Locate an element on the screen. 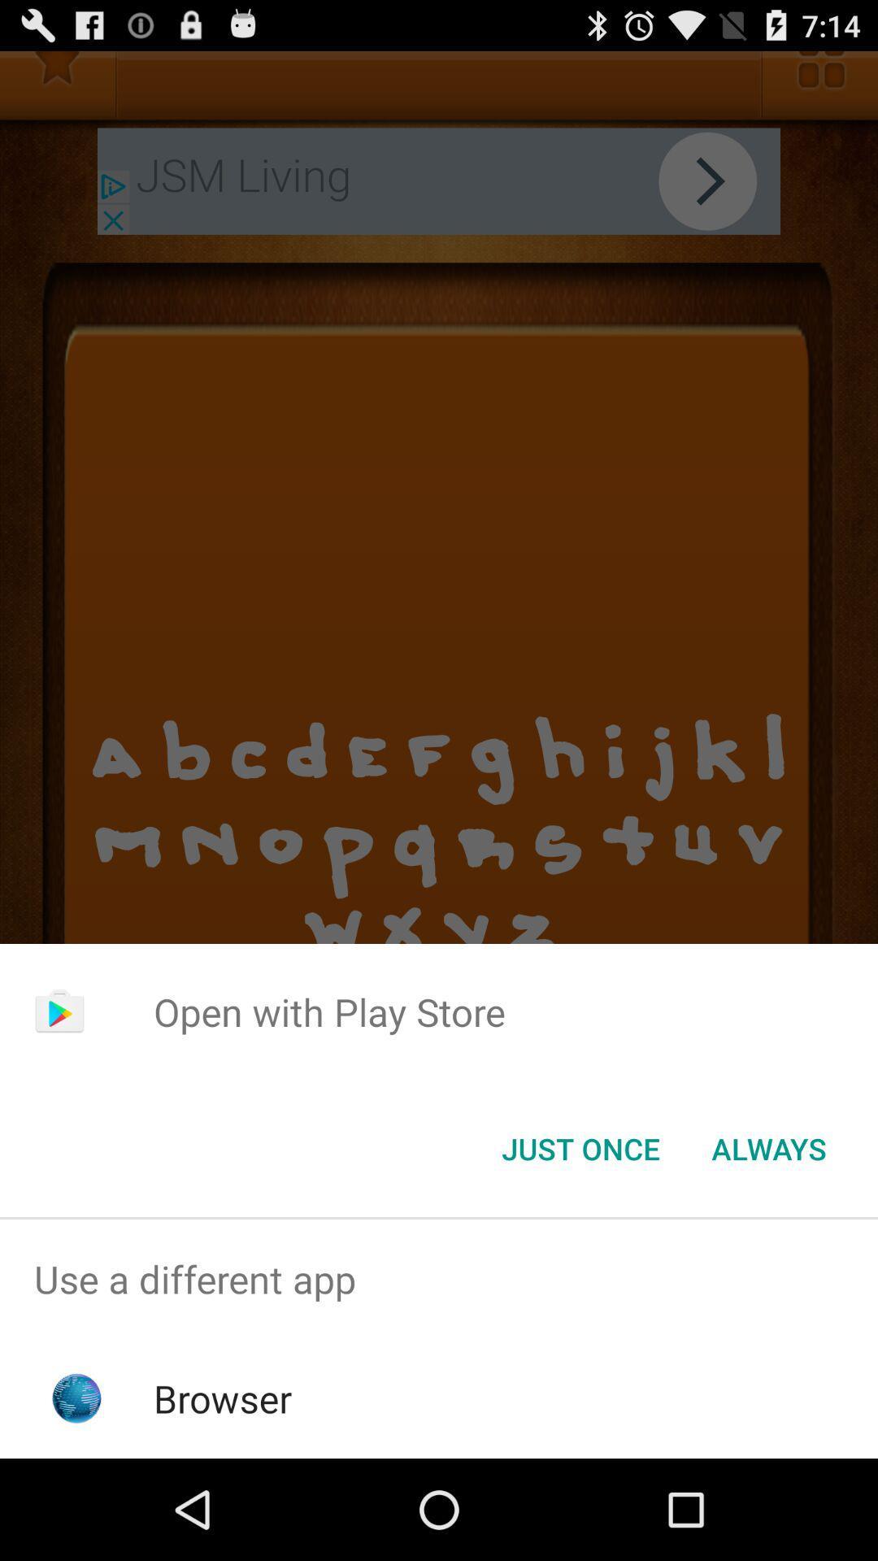 This screenshot has height=1561, width=878. icon to the left of the always icon is located at coordinates (580, 1147).